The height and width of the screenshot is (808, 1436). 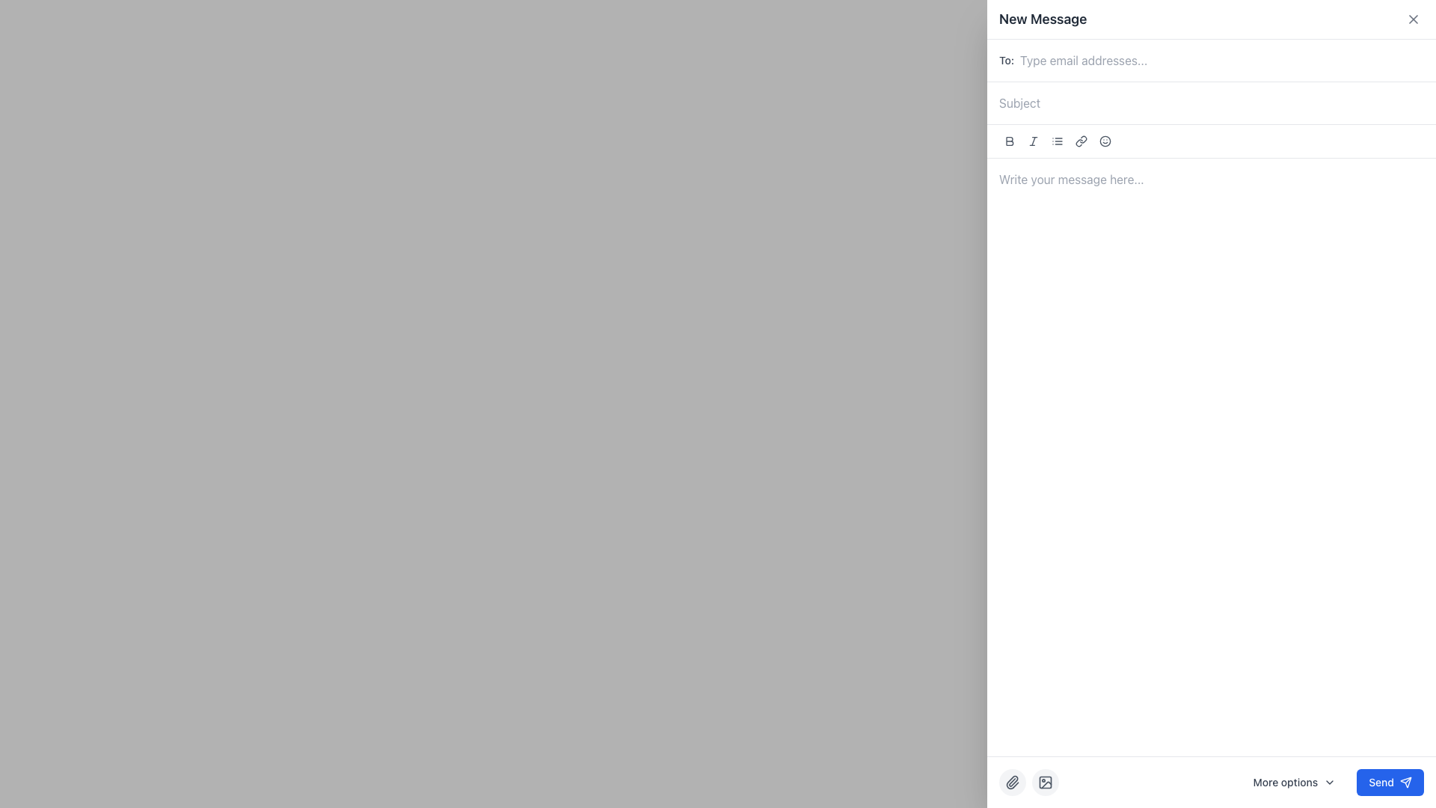 I want to click on the compact interactive icon representing an italicized 'I' symbol on the email composition toolbar, so click(x=1033, y=141).